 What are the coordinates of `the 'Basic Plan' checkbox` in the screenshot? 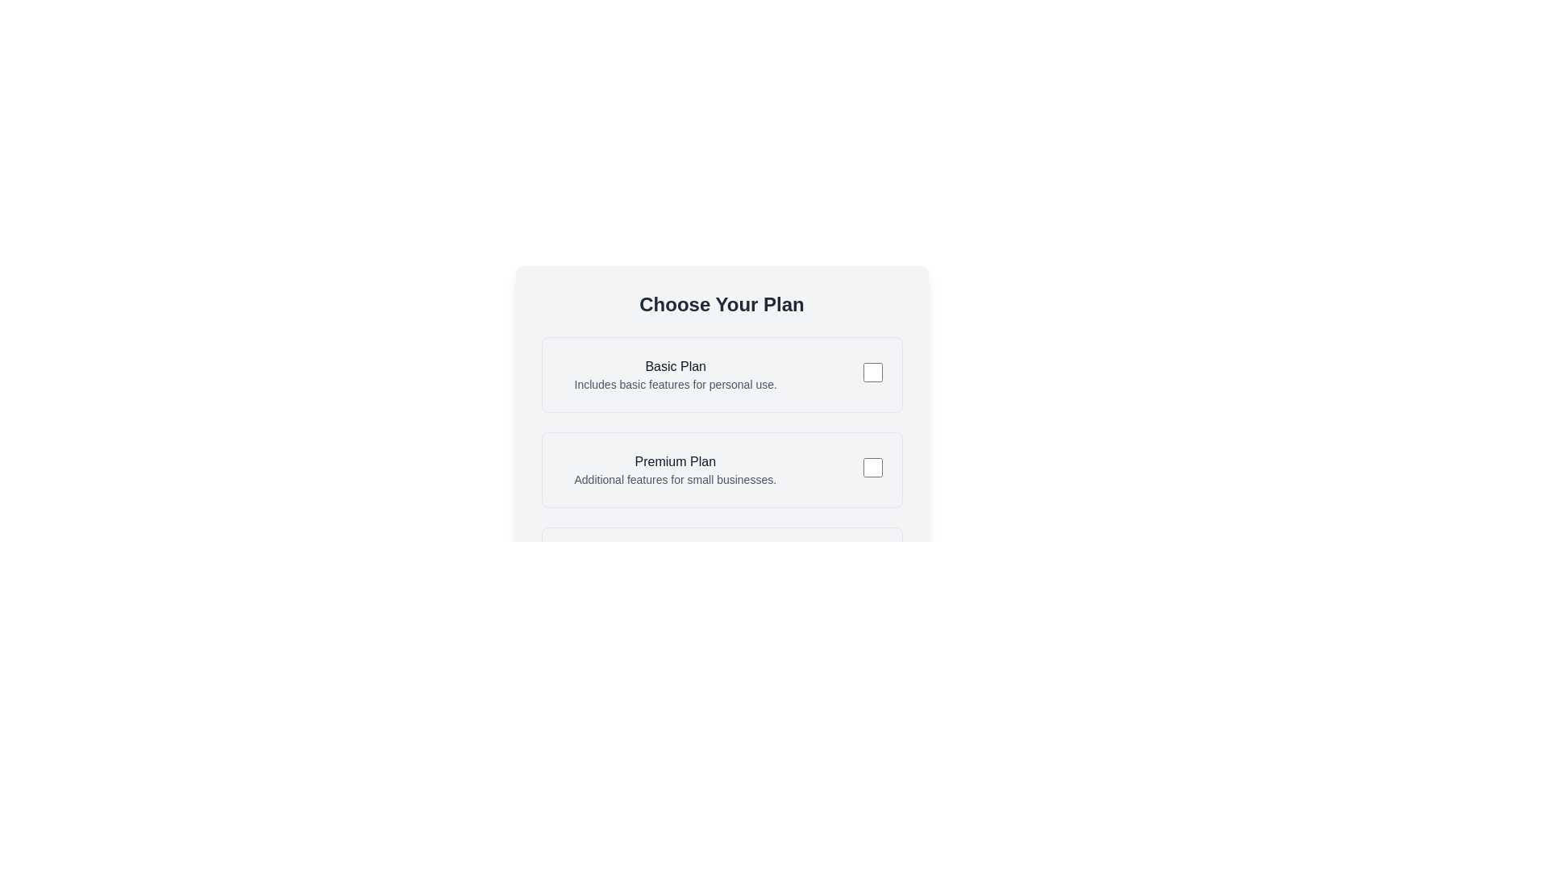 It's located at (872, 372).